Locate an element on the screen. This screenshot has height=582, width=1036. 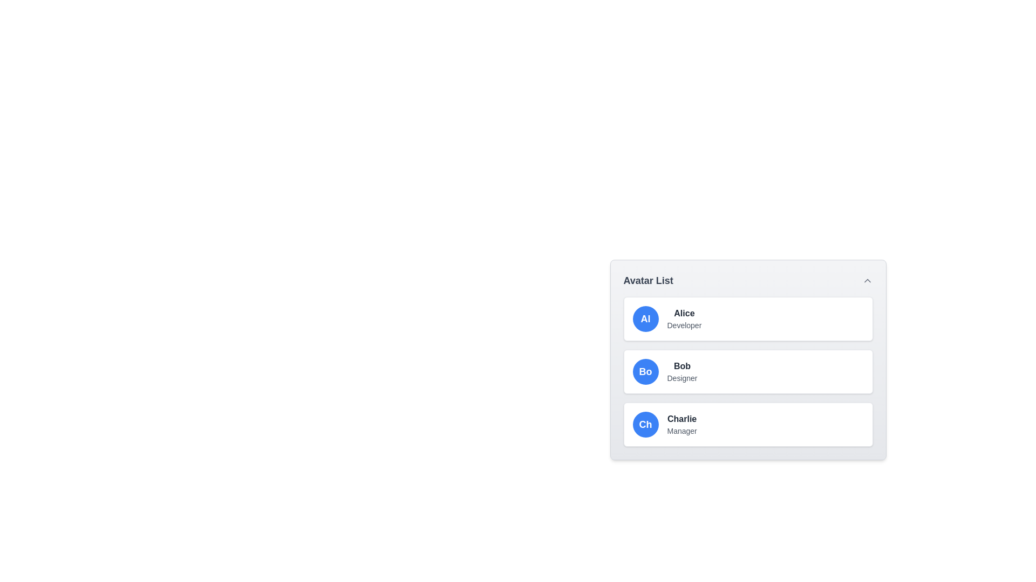
the user name text label located at the top of the card that also displays the role 'Developer' below it, as this element is interactive for navigation or triggering an action is located at coordinates (684, 314).